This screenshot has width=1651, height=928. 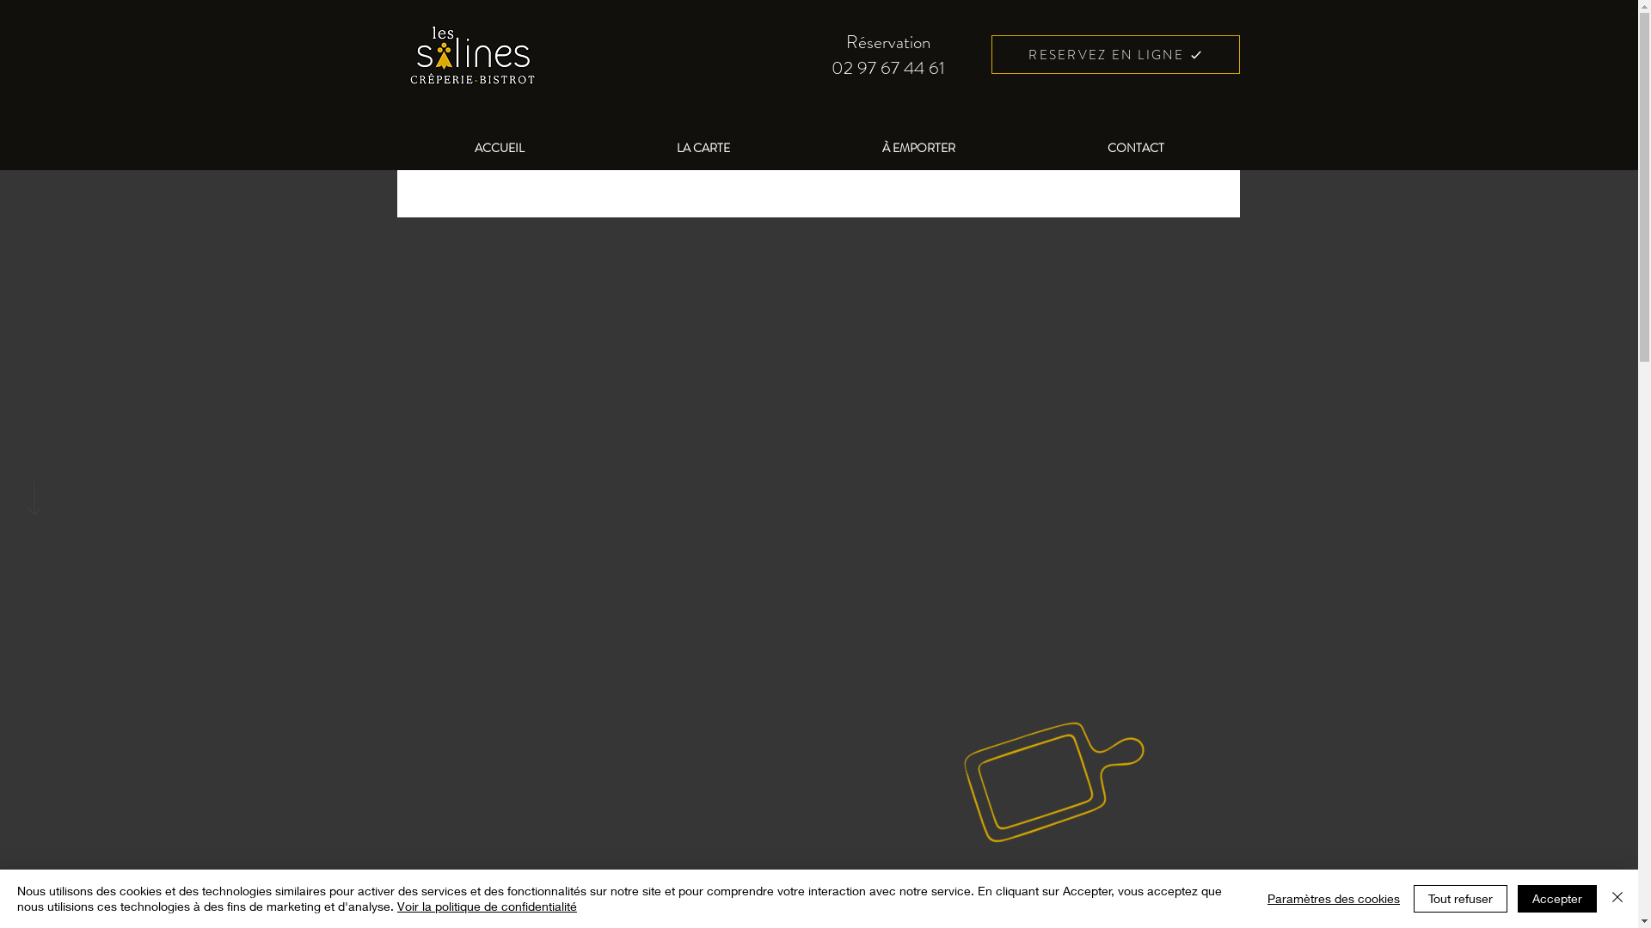 What do you see at coordinates (1136, 147) in the screenshot?
I see `'CONTACT'` at bounding box center [1136, 147].